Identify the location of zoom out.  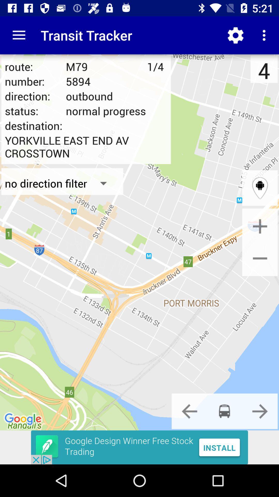
(260, 258).